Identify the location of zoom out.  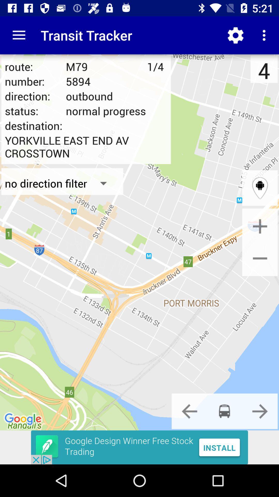
(260, 258).